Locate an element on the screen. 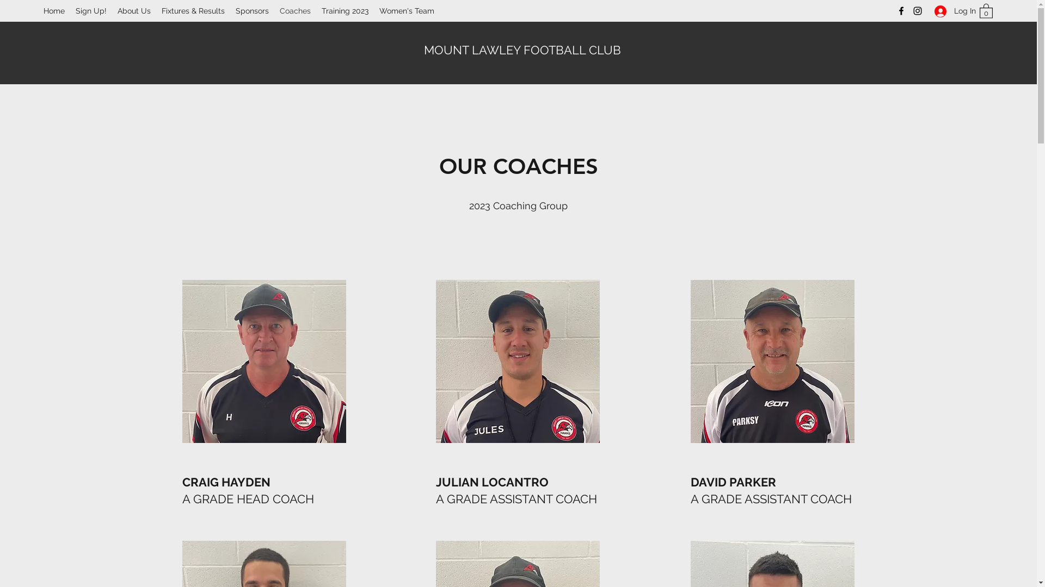 The image size is (1045, 587). 'Sponsors' is located at coordinates (251, 10).